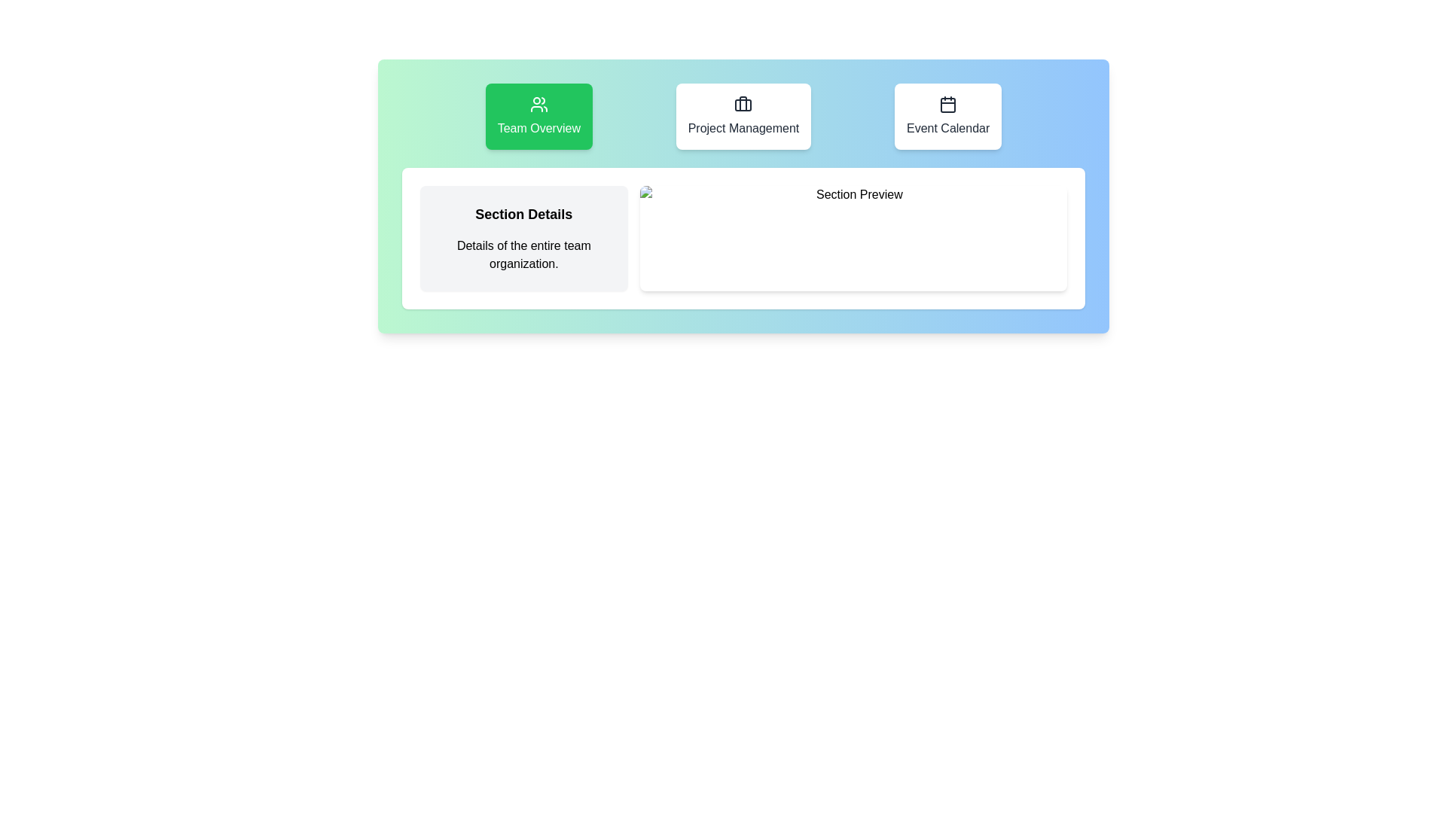  Describe the element at coordinates (947, 127) in the screenshot. I see `the 'Event Calendar' text label located at the bottom of the third card in the top row, which acts as a title for calendar-based events` at that location.